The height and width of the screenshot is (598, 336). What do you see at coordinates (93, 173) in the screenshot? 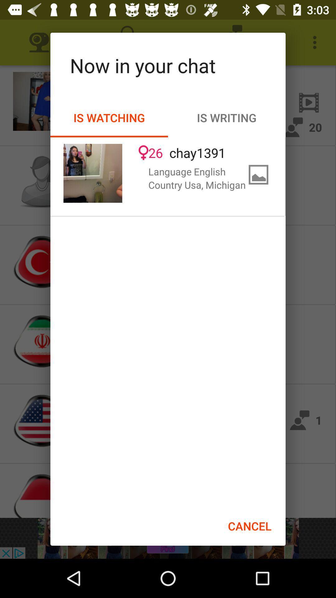
I see `the icon next to the 26 item` at bounding box center [93, 173].